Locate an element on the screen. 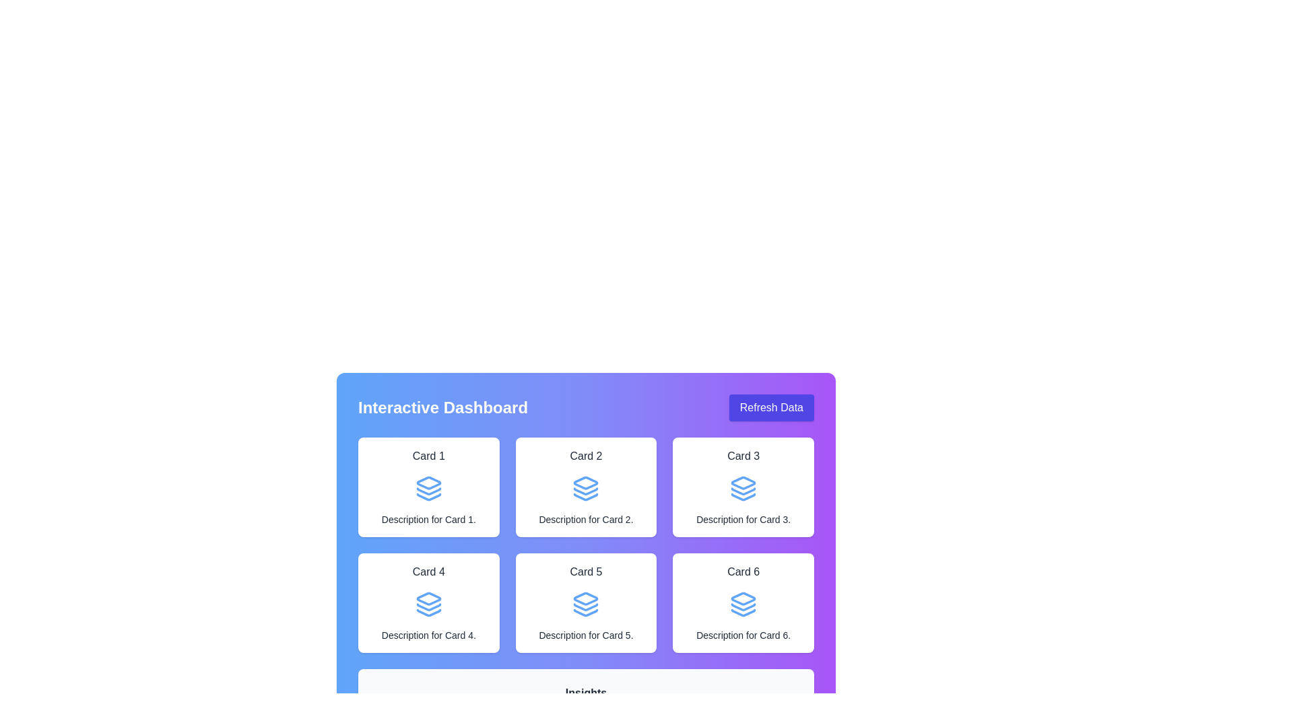 The height and width of the screenshot is (727, 1293). the panel at the top of the dashboard is located at coordinates (586, 407).